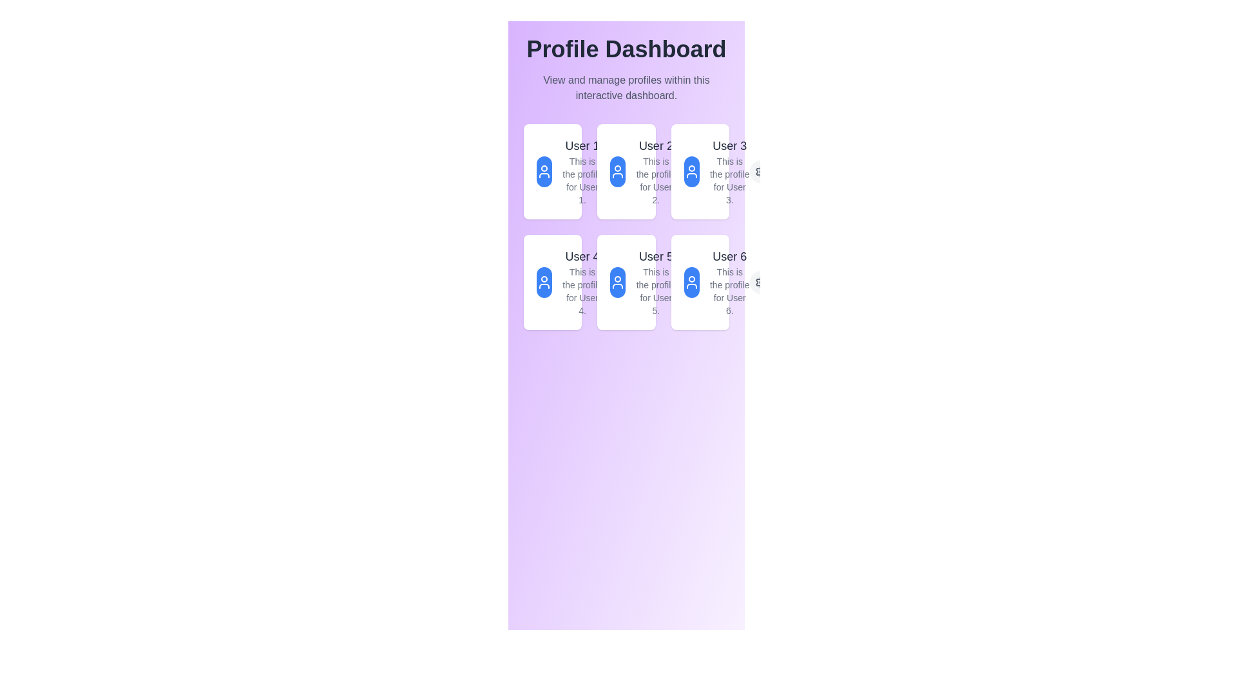  I want to click on the icon button located in the top-right corner of the User 6 card, so click(686, 282).